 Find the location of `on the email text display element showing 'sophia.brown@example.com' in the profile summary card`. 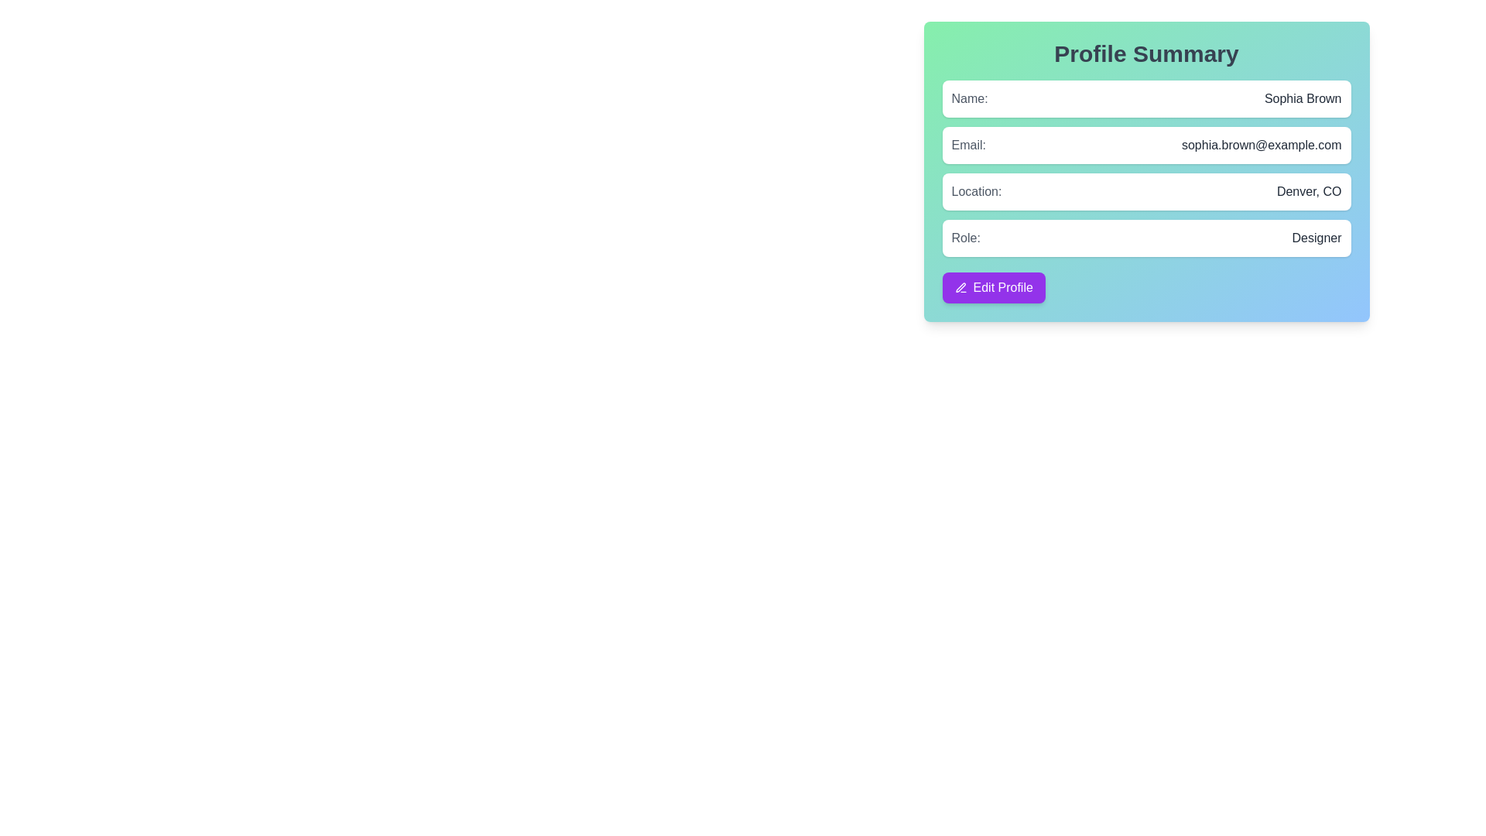

on the email text display element showing 'sophia.brown@example.com' in the profile summary card is located at coordinates (1262, 146).